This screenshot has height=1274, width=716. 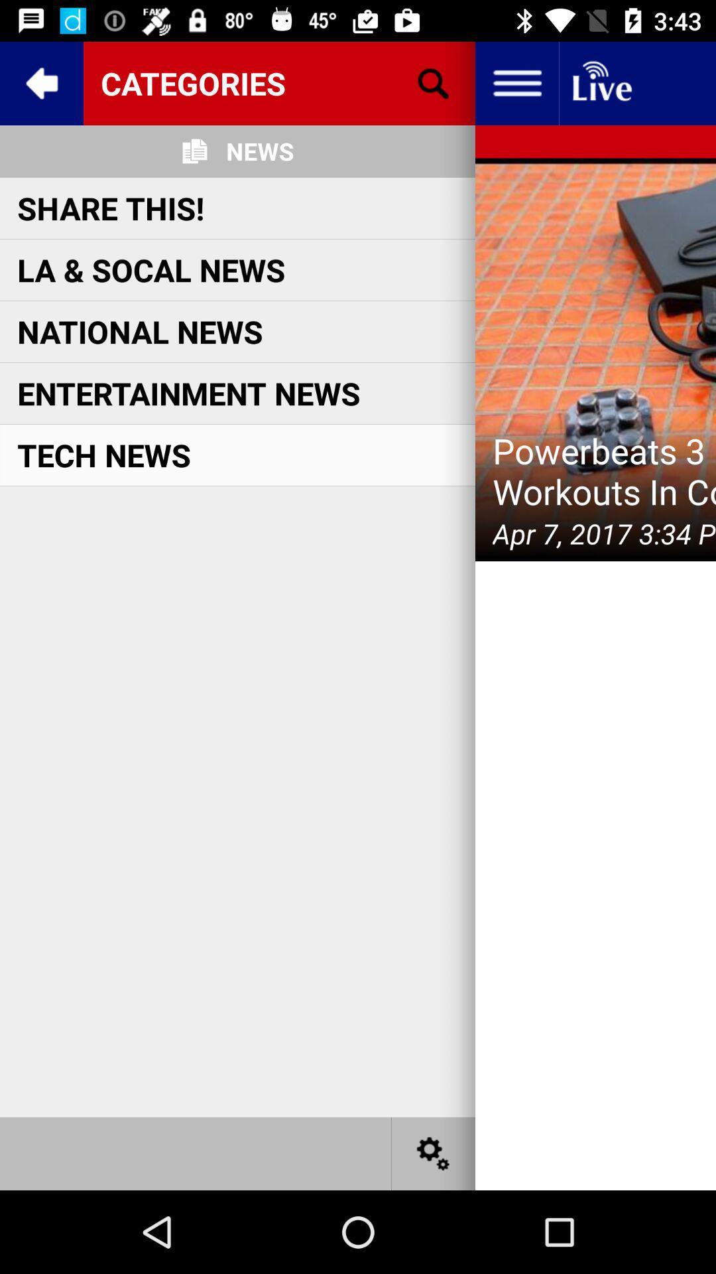 I want to click on apr 7 2017 item, so click(x=604, y=533).